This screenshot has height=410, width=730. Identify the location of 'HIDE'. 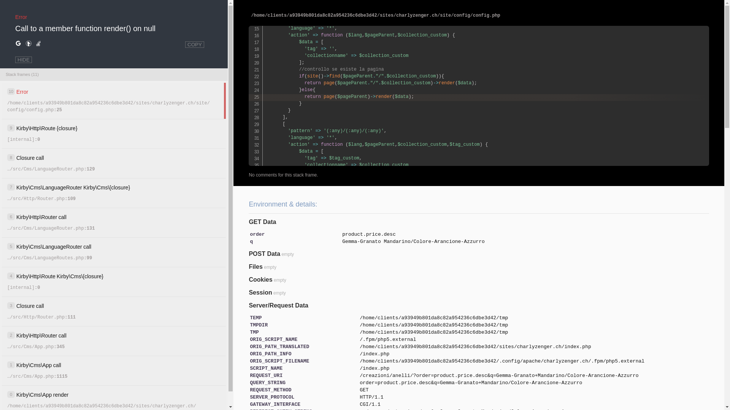
(24, 59).